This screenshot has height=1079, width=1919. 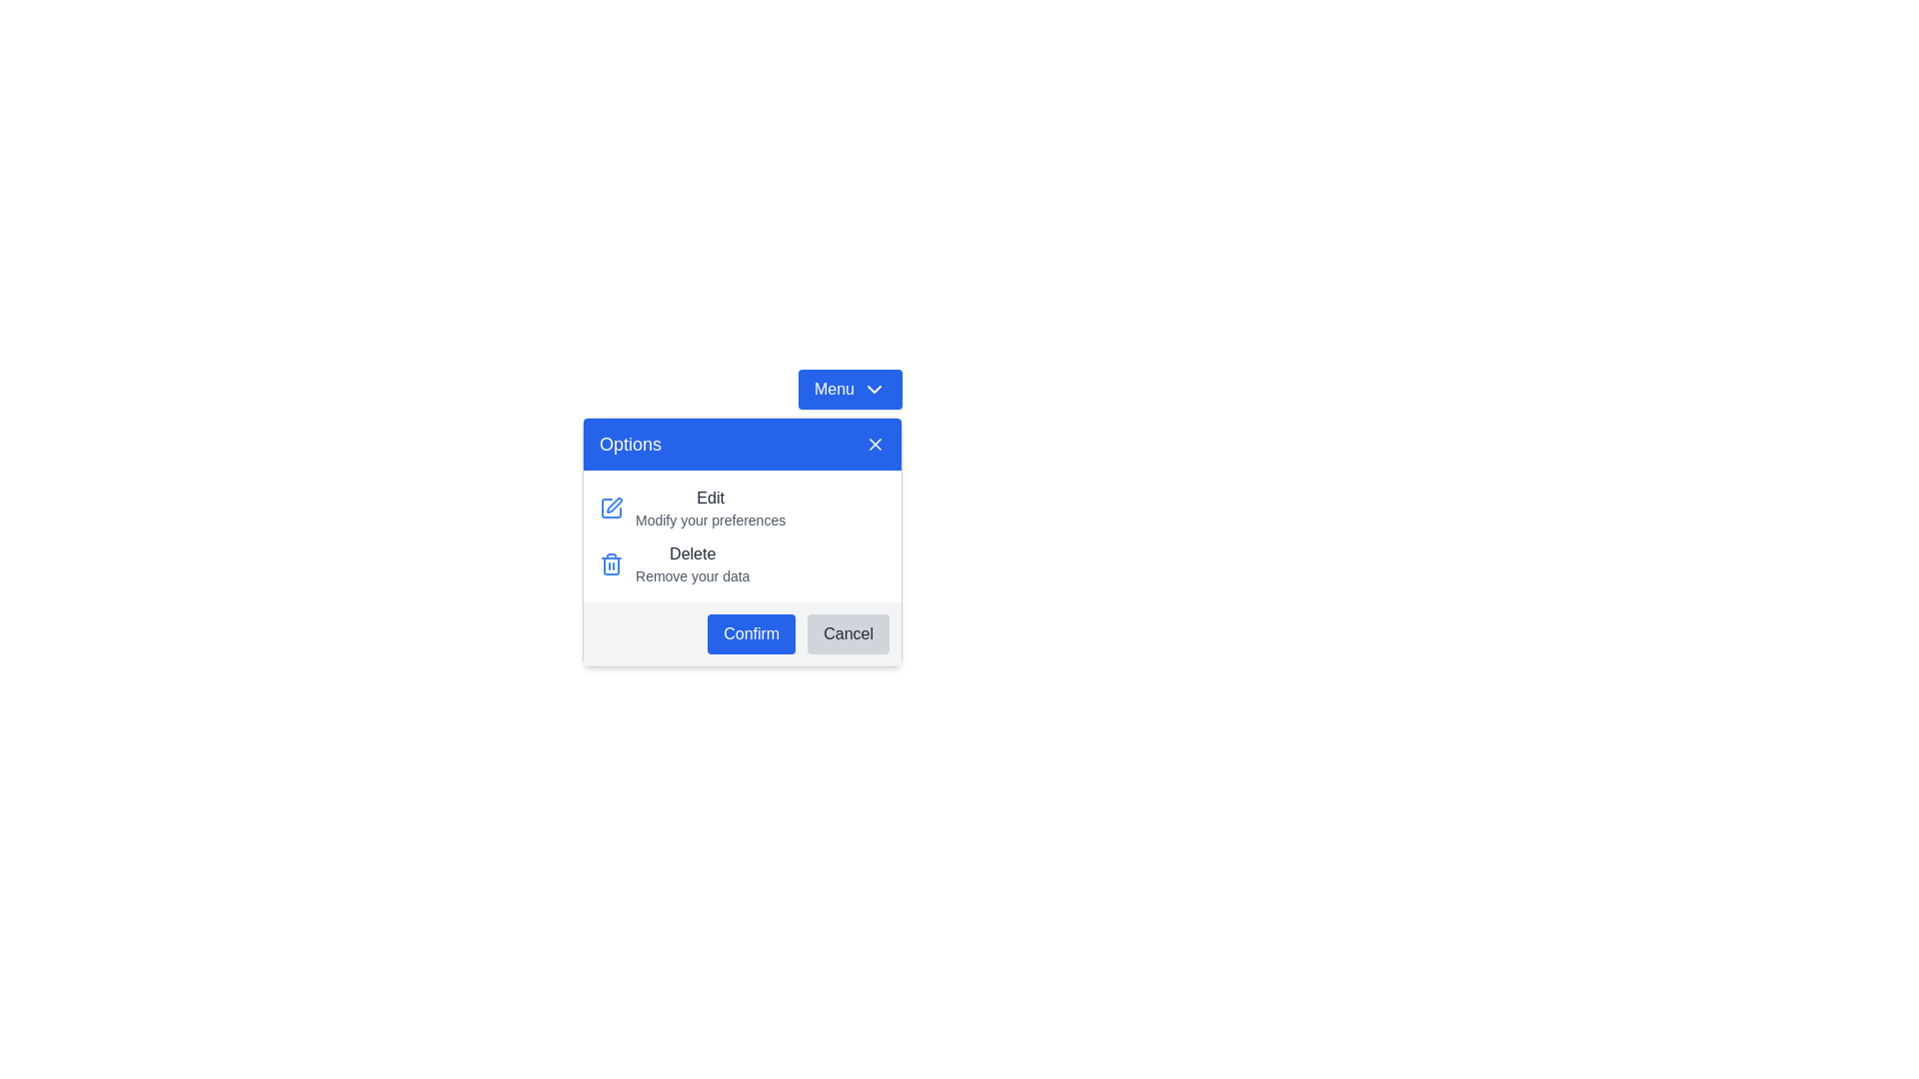 I want to click on the Action Button with Icon and Text in the dropdown modal labeled 'Options', so click(x=742, y=542).